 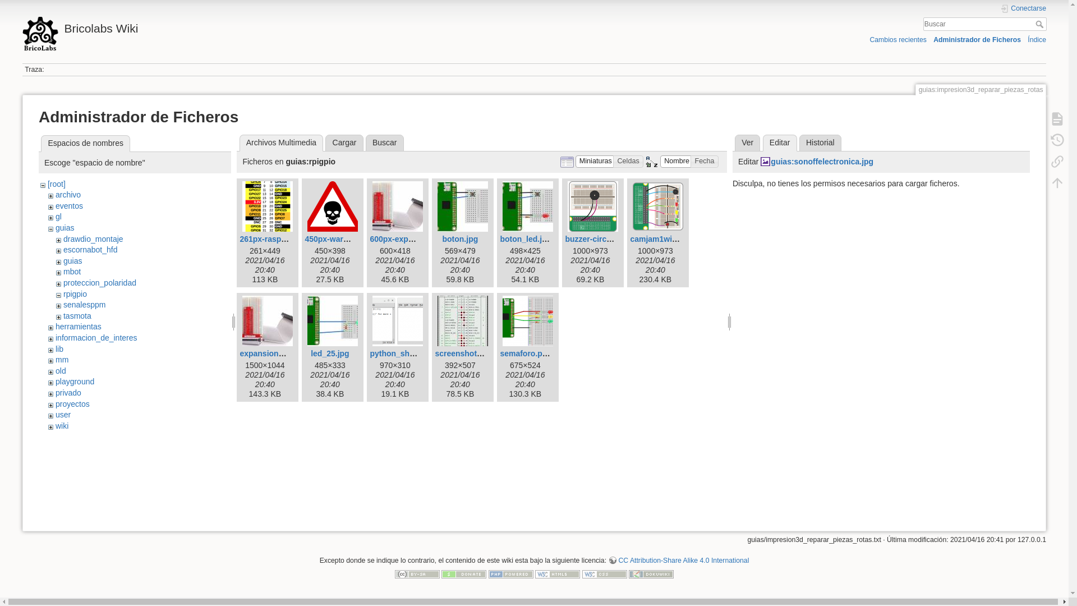 I want to click on 'Conectarse', so click(x=1023, y=8).